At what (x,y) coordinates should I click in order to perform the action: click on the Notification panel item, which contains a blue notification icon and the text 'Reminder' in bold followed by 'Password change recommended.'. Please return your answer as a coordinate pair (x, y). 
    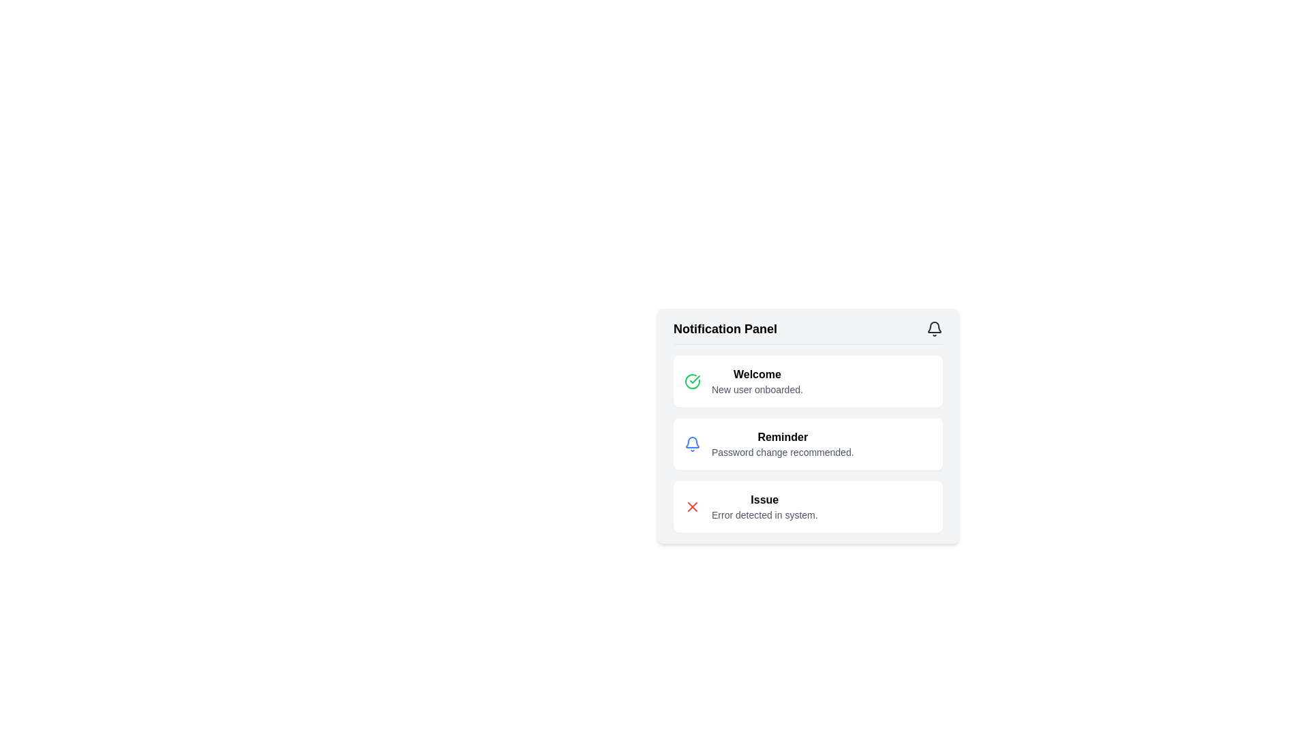
    Looking at the image, I should click on (808, 444).